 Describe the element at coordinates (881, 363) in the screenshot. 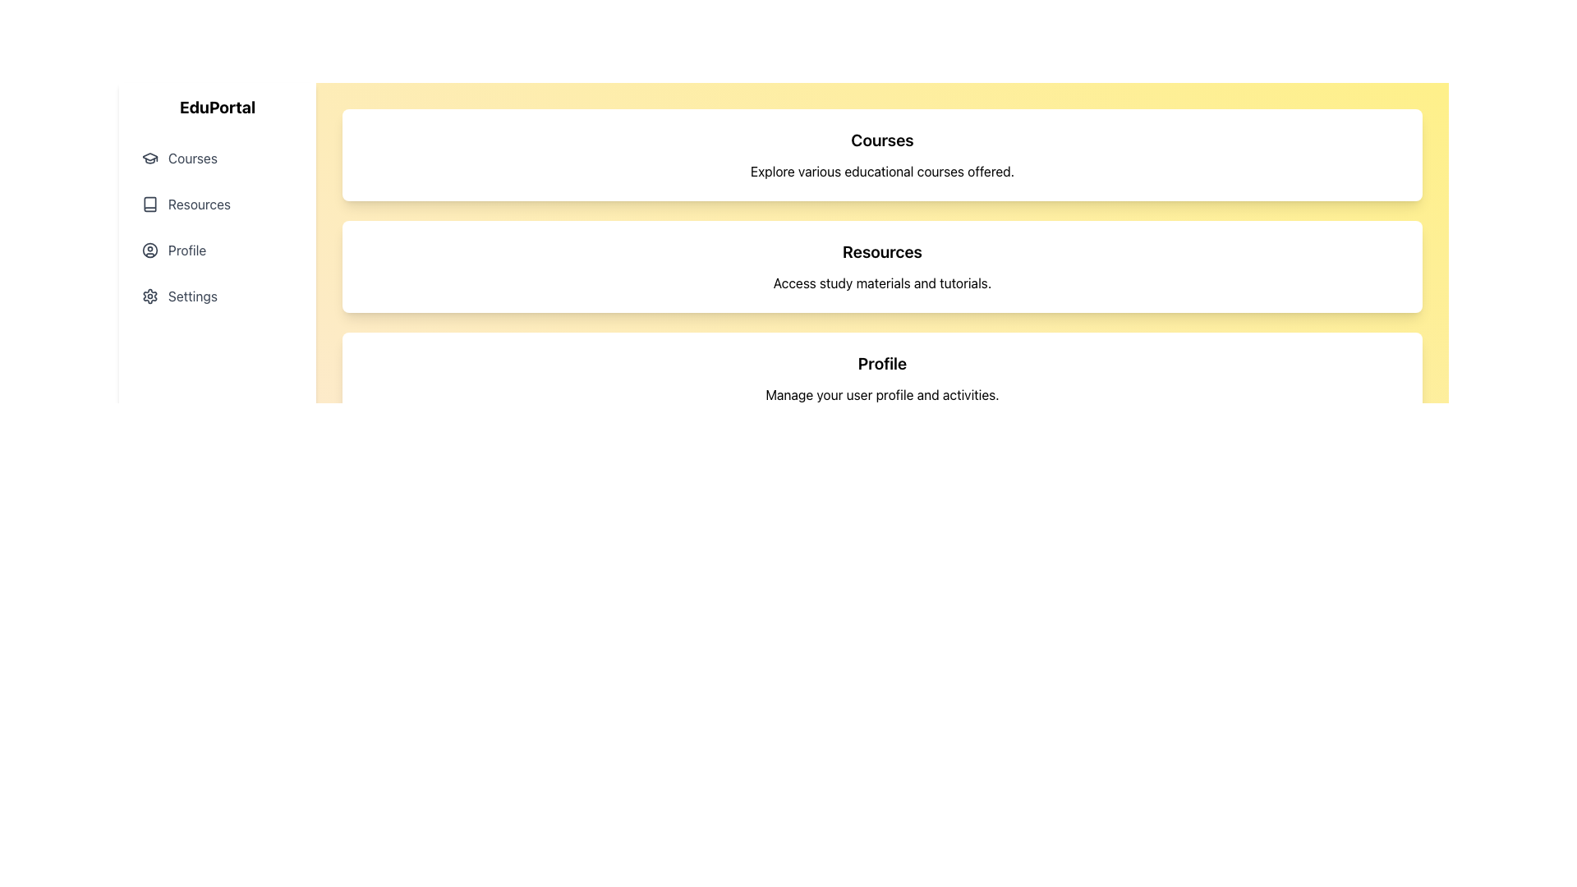

I see `the header text element labeled 'Profile', which is styled in bold and large font, indicating it is a header, and positioned above the description 'Manage your user profile and activities.'` at that location.